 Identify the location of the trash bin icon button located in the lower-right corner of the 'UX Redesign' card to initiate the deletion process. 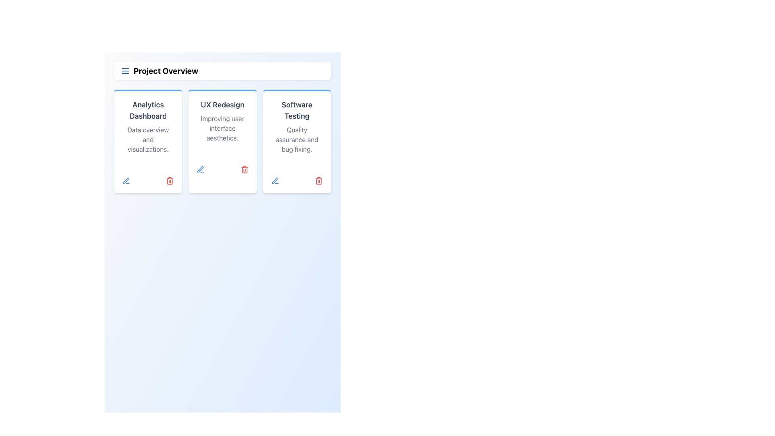
(244, 169).